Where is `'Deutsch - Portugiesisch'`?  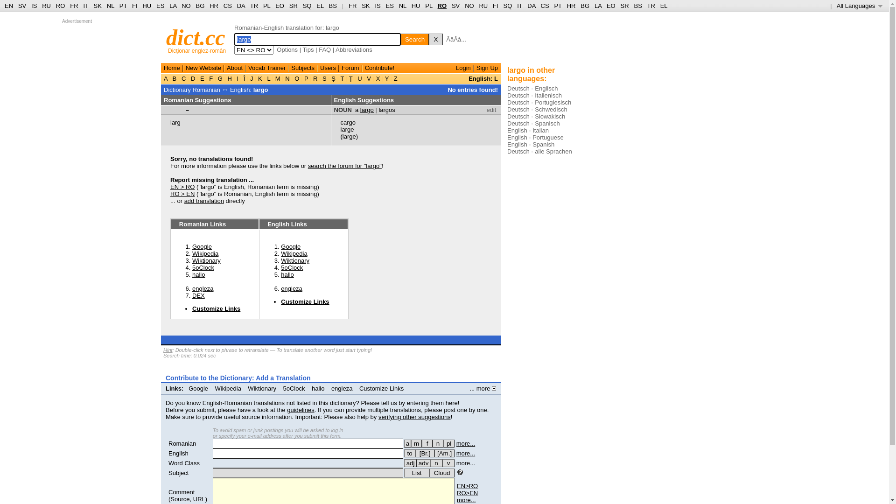
'Deutsch - Portugiesisch' is located at coordinates (539, 102).